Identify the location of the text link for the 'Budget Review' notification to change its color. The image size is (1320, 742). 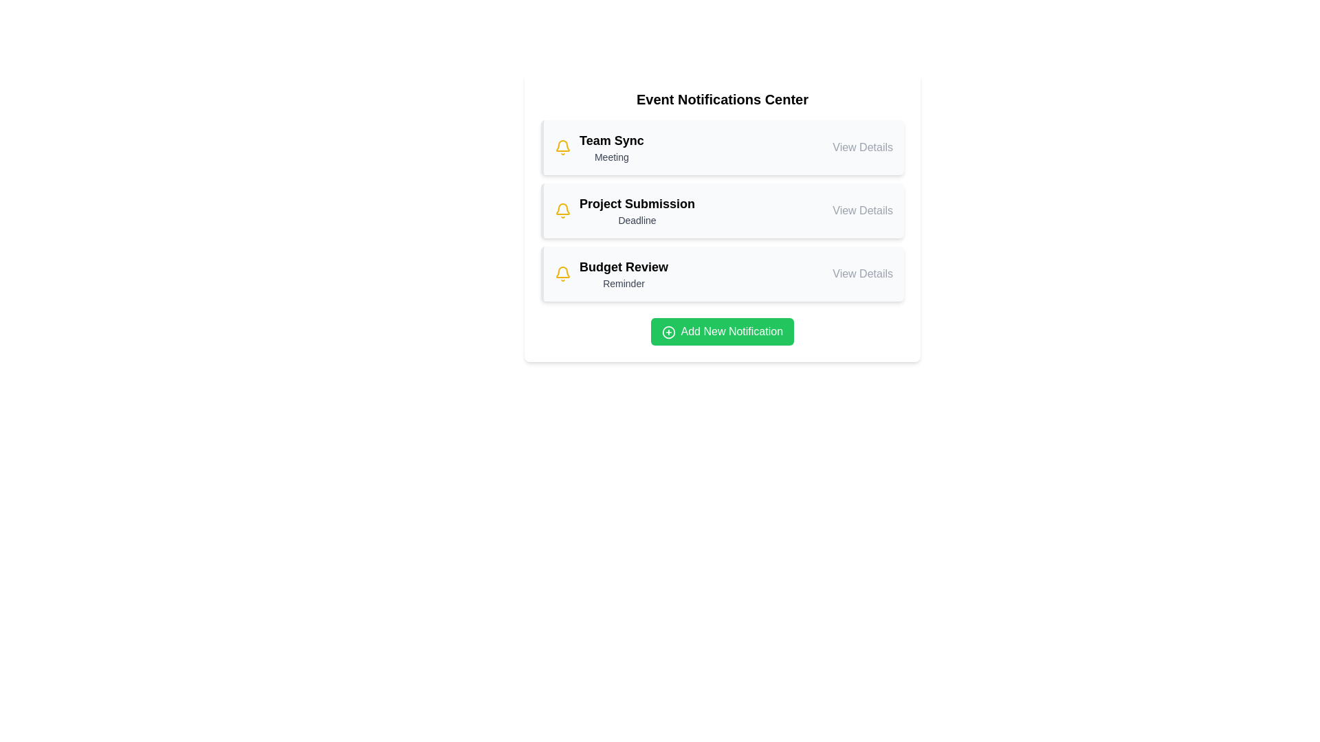
(862, 273).